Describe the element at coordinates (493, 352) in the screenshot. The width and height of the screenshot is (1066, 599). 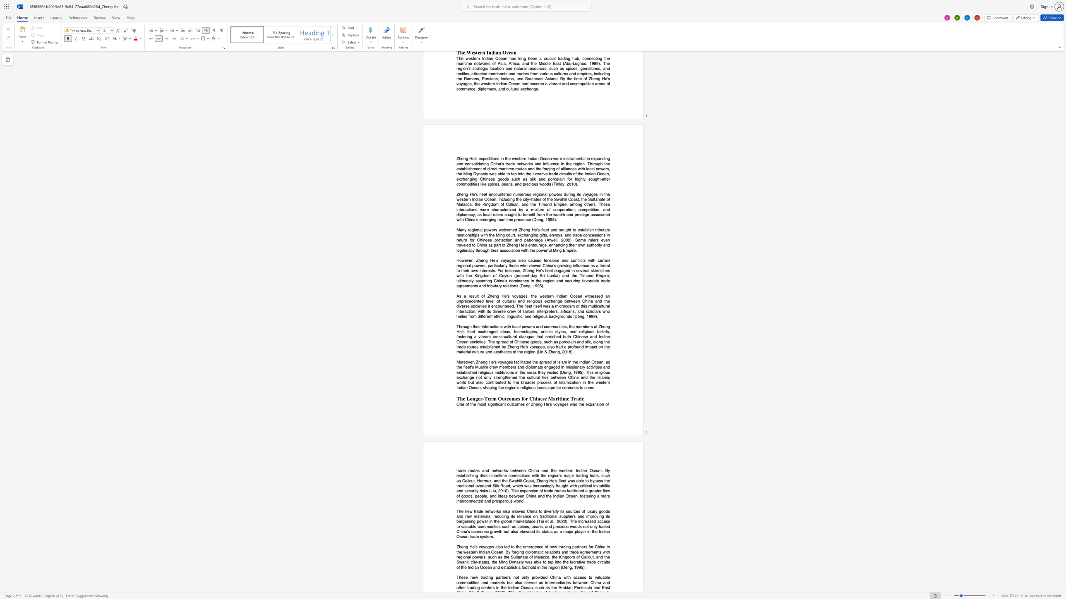
I see `the subset text "aesthe" within the text "by Zheng He"` at that location.